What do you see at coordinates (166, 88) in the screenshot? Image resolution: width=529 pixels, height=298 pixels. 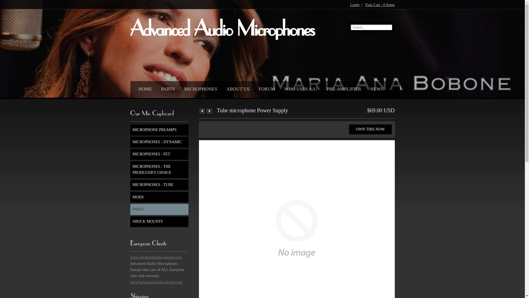 I see `'PARTS'` at bounding box center [166, 88].